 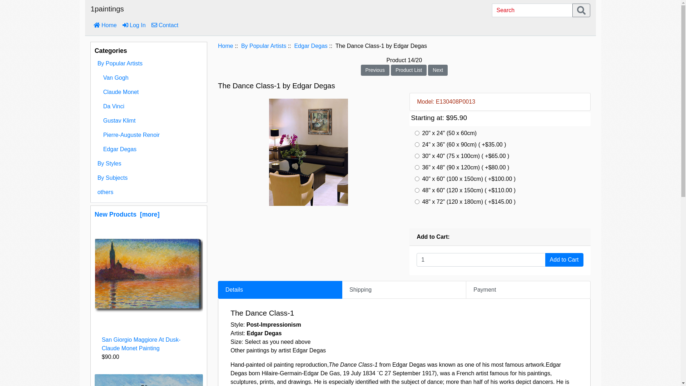 What do you see at coordinates (279, 289) in the screenshot?
I see `'Details'` at bounding box center [279, 289].